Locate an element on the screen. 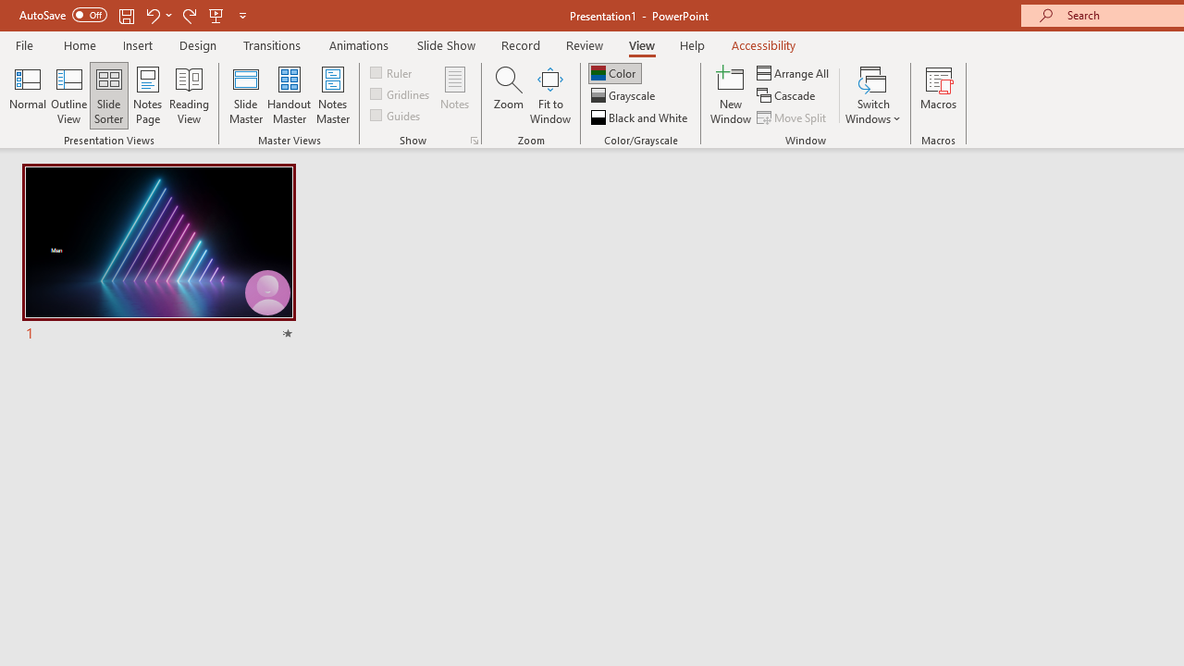  'Black and White' is located at coordinates (641, 117).